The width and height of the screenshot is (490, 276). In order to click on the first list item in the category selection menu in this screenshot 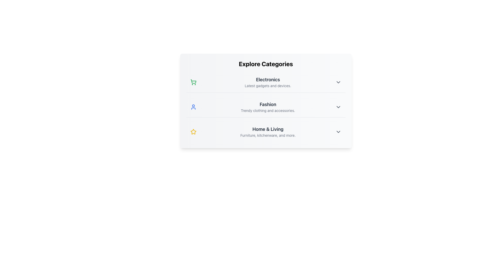, I will do `click(265, 82)`.